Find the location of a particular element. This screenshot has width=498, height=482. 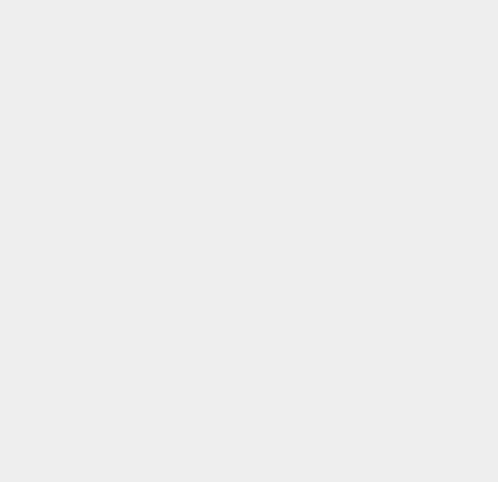

'Speakers' is located at coordinates (365, 476).